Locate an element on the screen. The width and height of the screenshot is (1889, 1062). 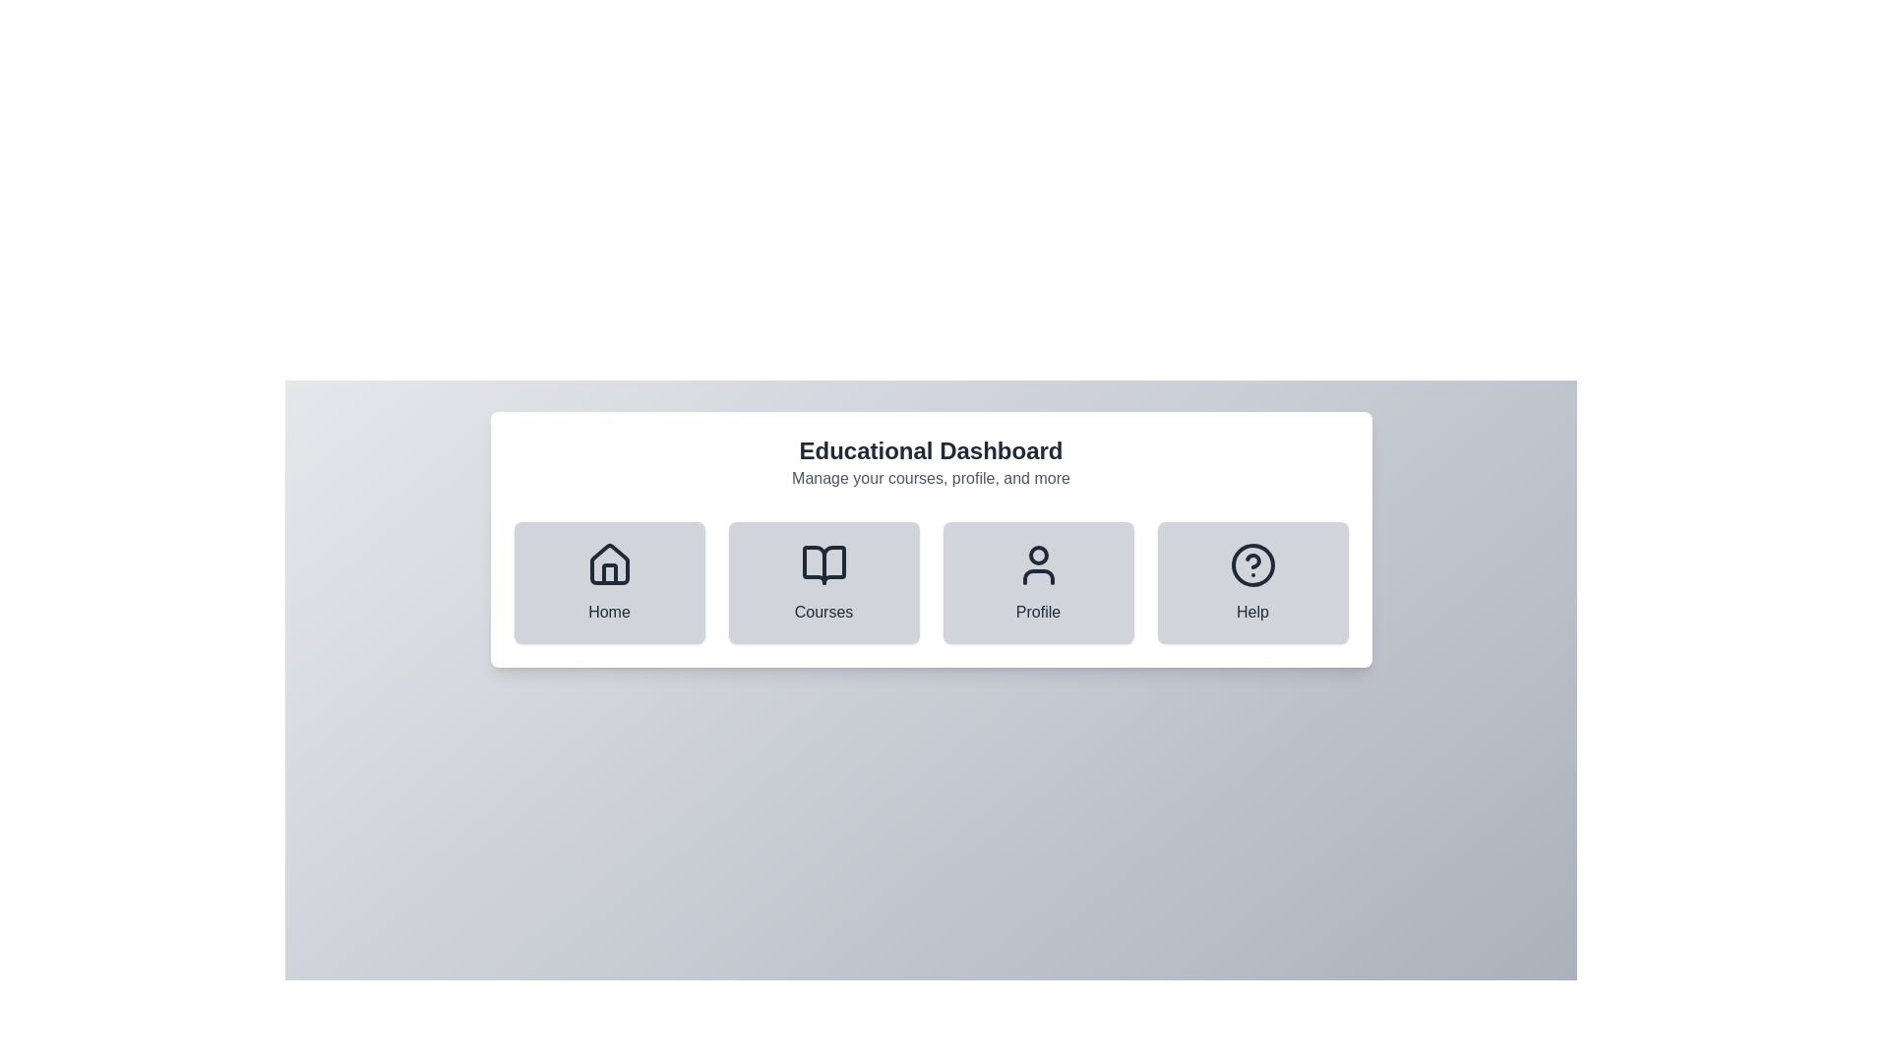
the Profile Icon, which is a lower half outline of a person in a stylized manner, located within the grid of selectable options is located at coordinates (1037, 575).